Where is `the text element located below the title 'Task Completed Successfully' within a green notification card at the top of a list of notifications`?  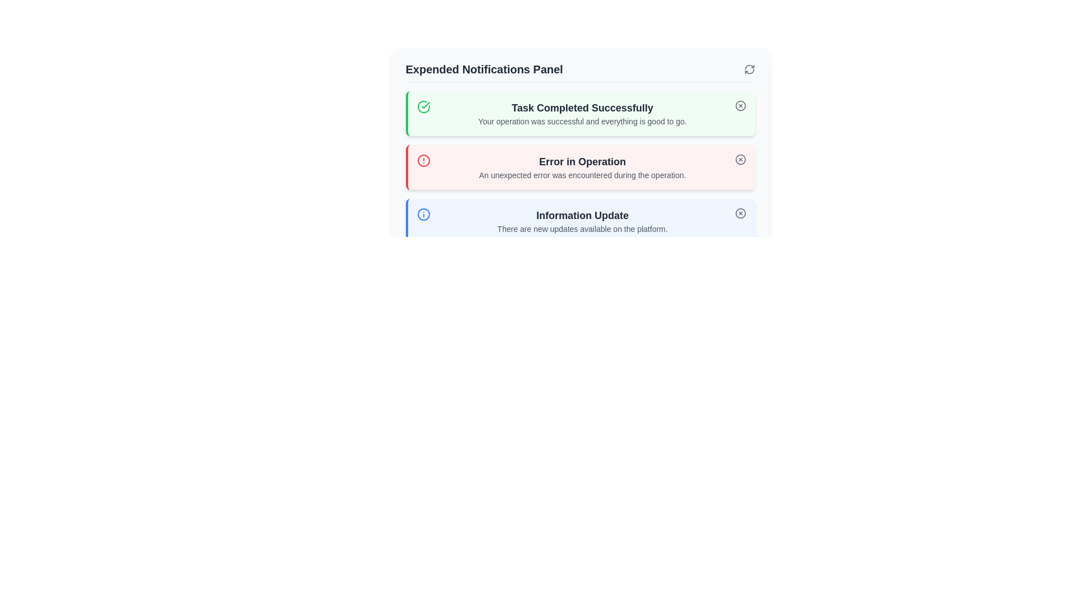 the text element located below the title 'Task Completed Successfully' within a green notification card at the top of a list of notifications is located at coordinates (582, 121).